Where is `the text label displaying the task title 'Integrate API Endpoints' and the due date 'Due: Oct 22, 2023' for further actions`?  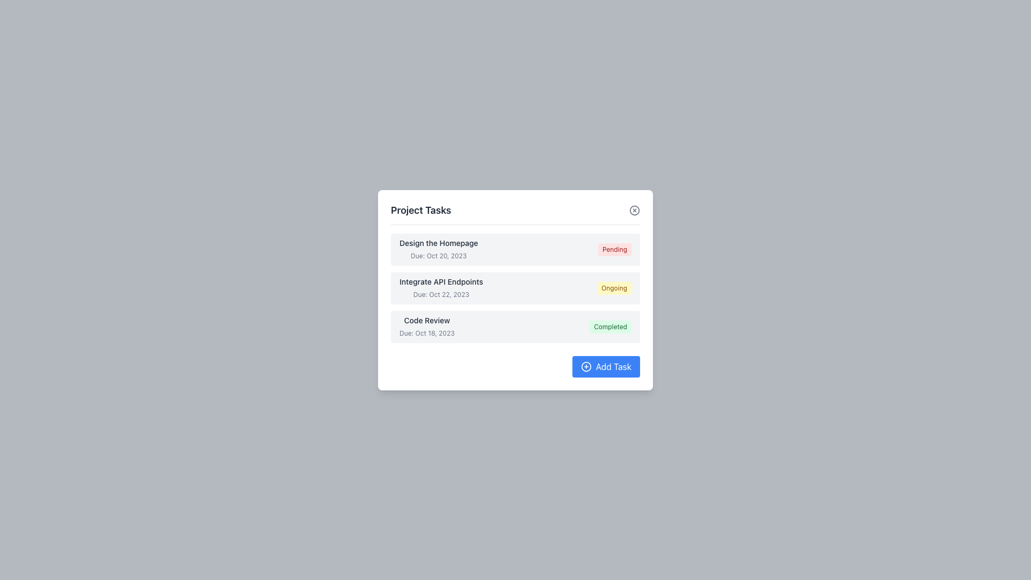 the text label displaying the task title 'Integrate API Endpoints' and the due date 'Due: Oct 22, 2023' for further actions is located at coordinates (441, 287).